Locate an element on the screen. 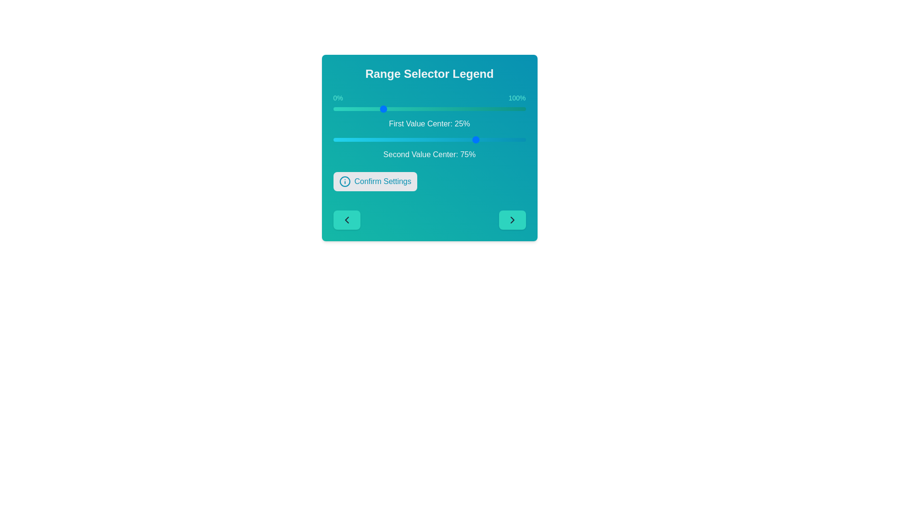 The width and height of the screenshot is (924, 519). the rightward chevron arrow icon located at the bottom-right corner of the interface is located at coordinates (512, 220).